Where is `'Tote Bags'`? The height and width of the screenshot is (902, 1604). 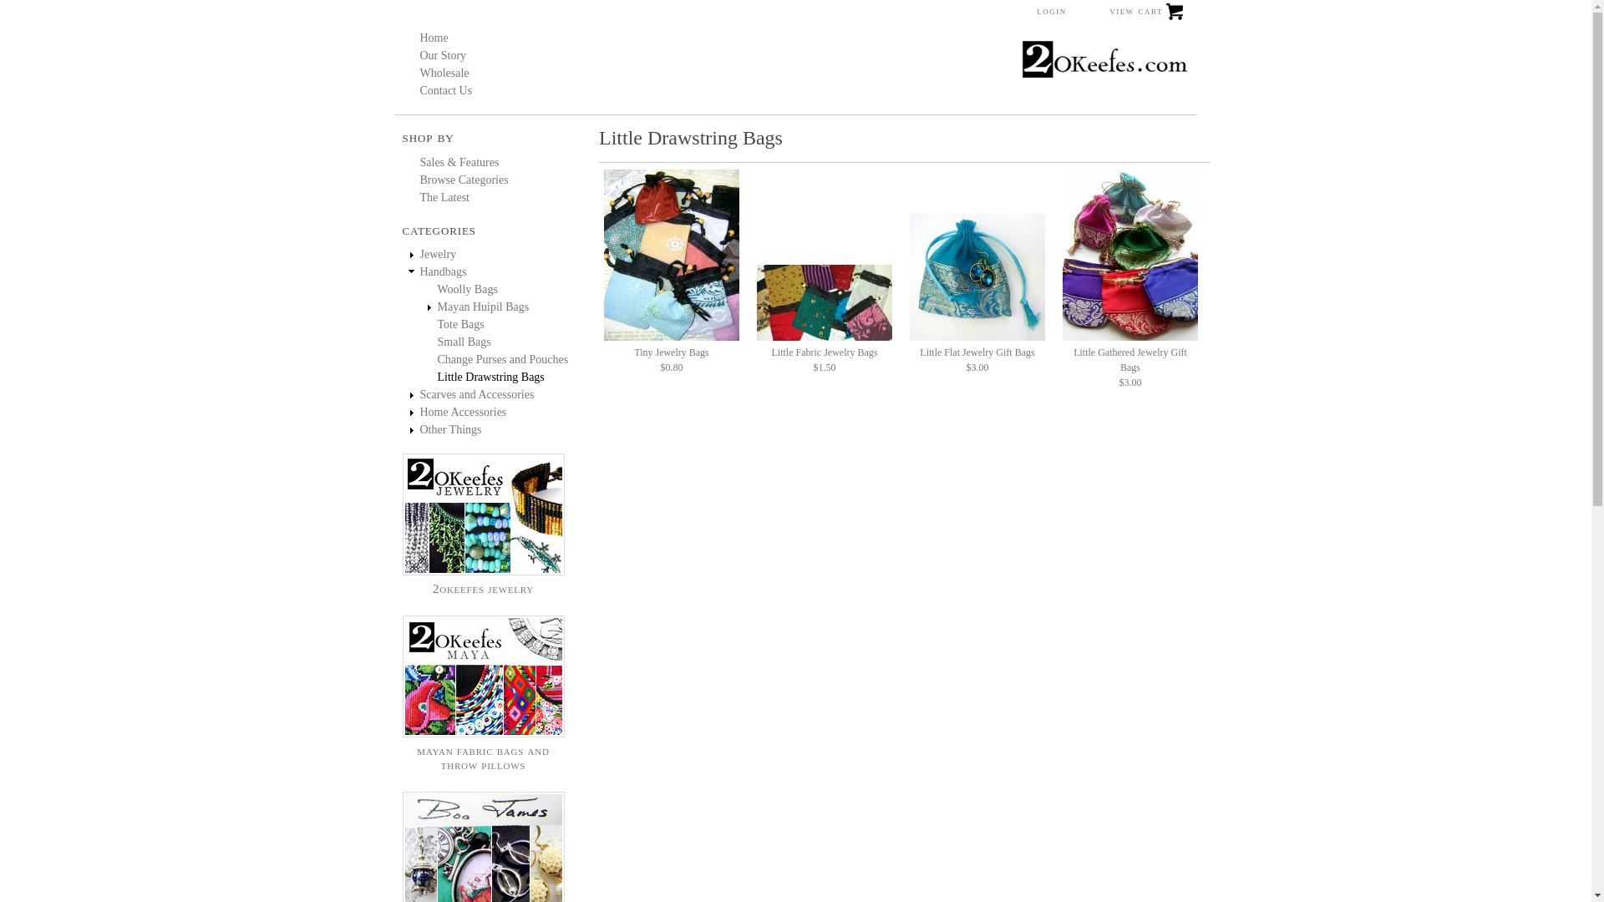
'Tote Bags' is located at coordinates (437, 324).